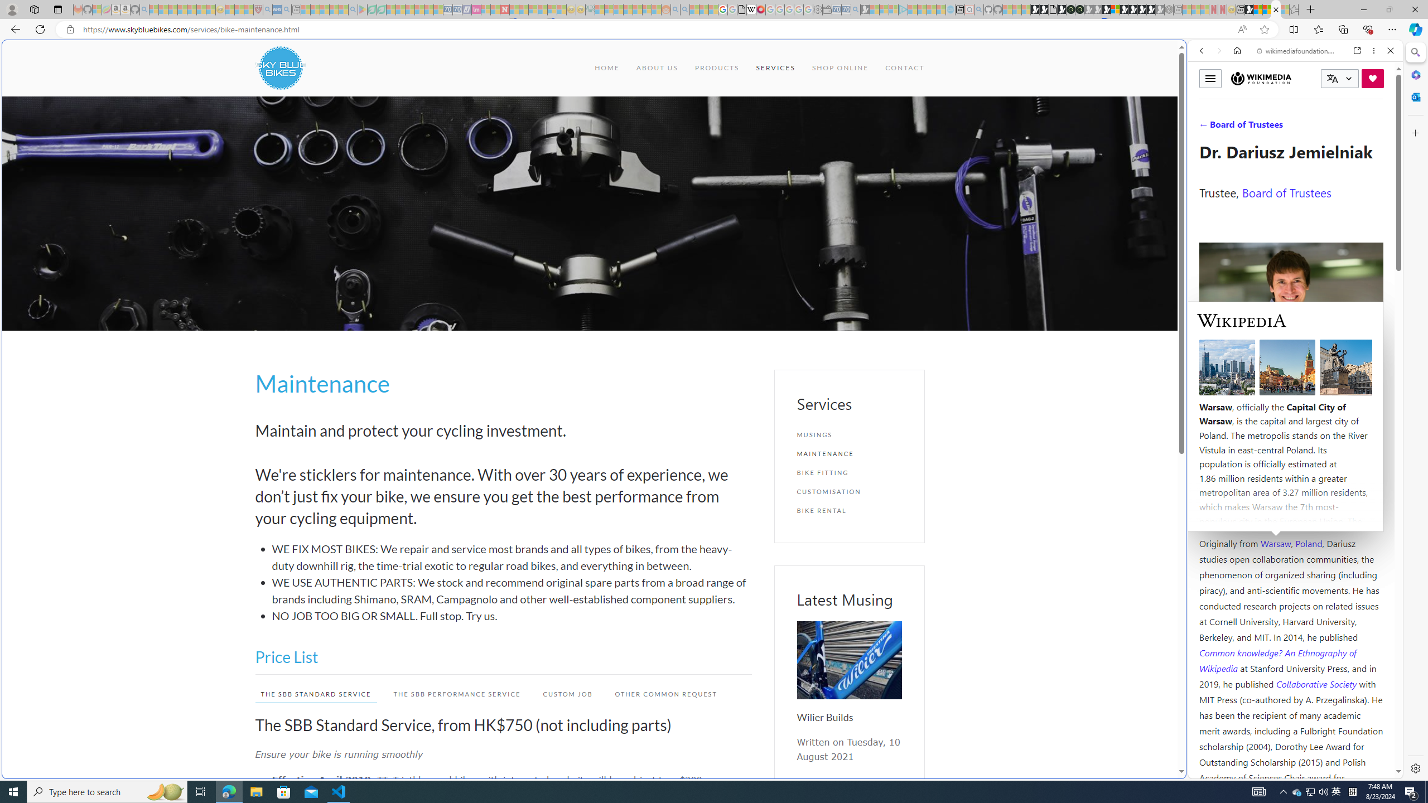  Describe the element at coordinates (932, 9) in the screenshot. I see `'Microsoft Start - Sleeping'` at that location.